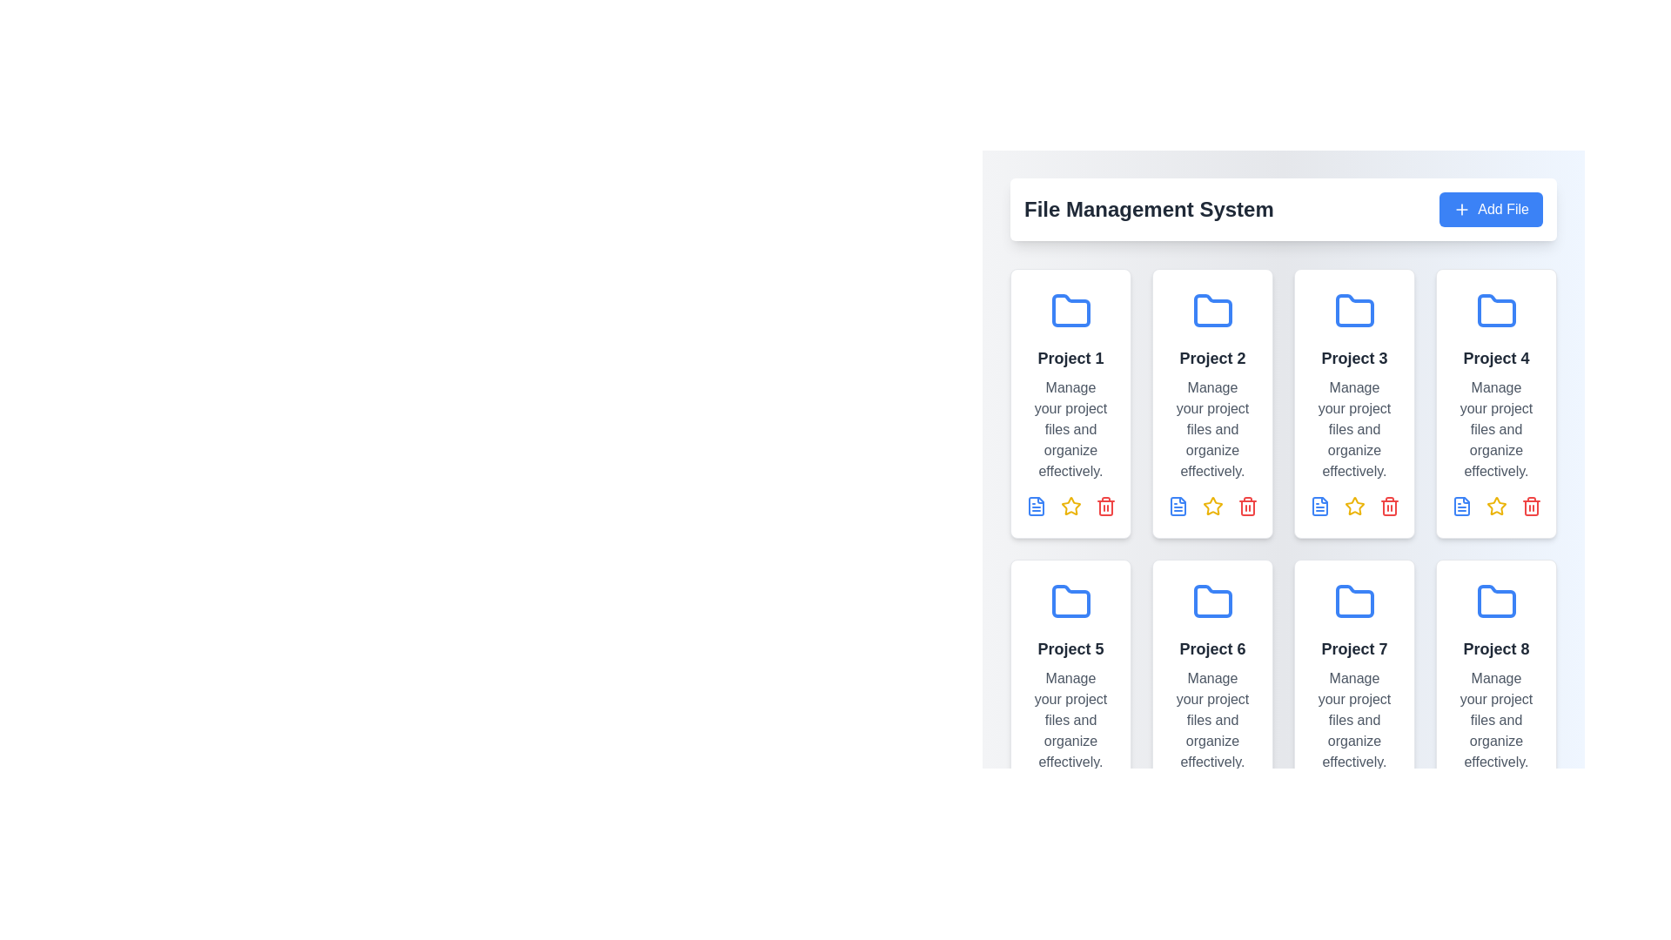 The height and width of the screenshot is (940, 1671). I want to click on the stylized document icon located within the first file card in the top row, positioned under the header and above the file's interactive action icons, so click(1178, 507).